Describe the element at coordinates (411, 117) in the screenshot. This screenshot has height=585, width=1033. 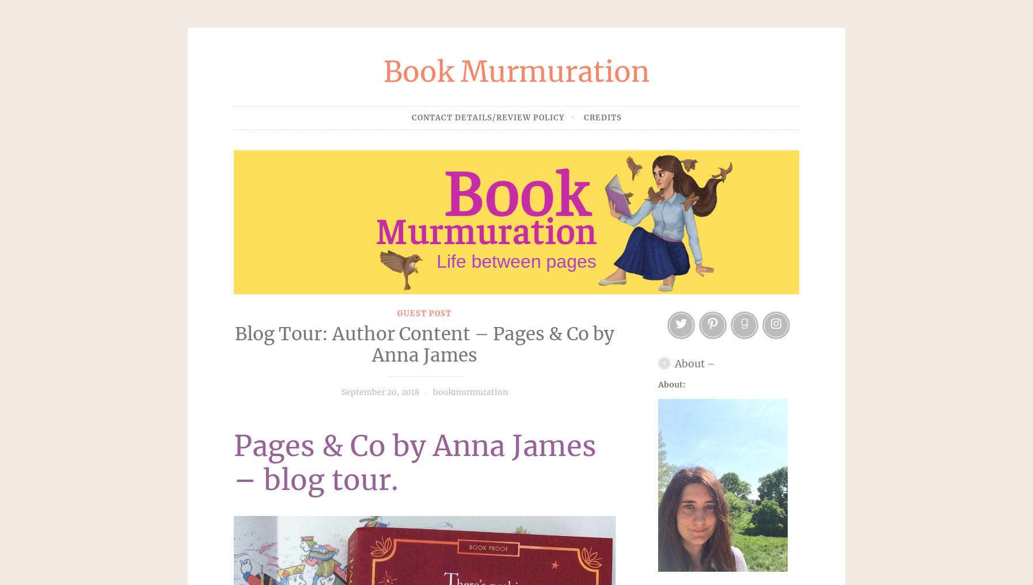
I see `'Contact Details/Review Policy'` at that location.